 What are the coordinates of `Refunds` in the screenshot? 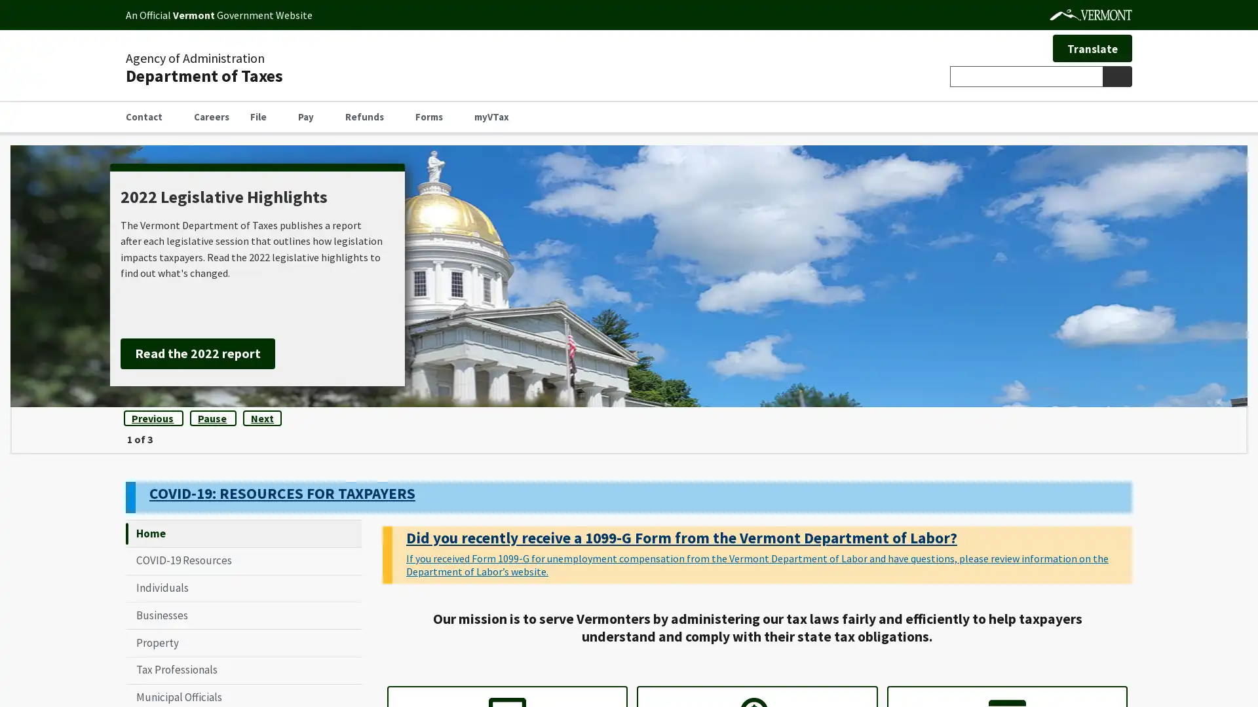 It's located at (369, 115).